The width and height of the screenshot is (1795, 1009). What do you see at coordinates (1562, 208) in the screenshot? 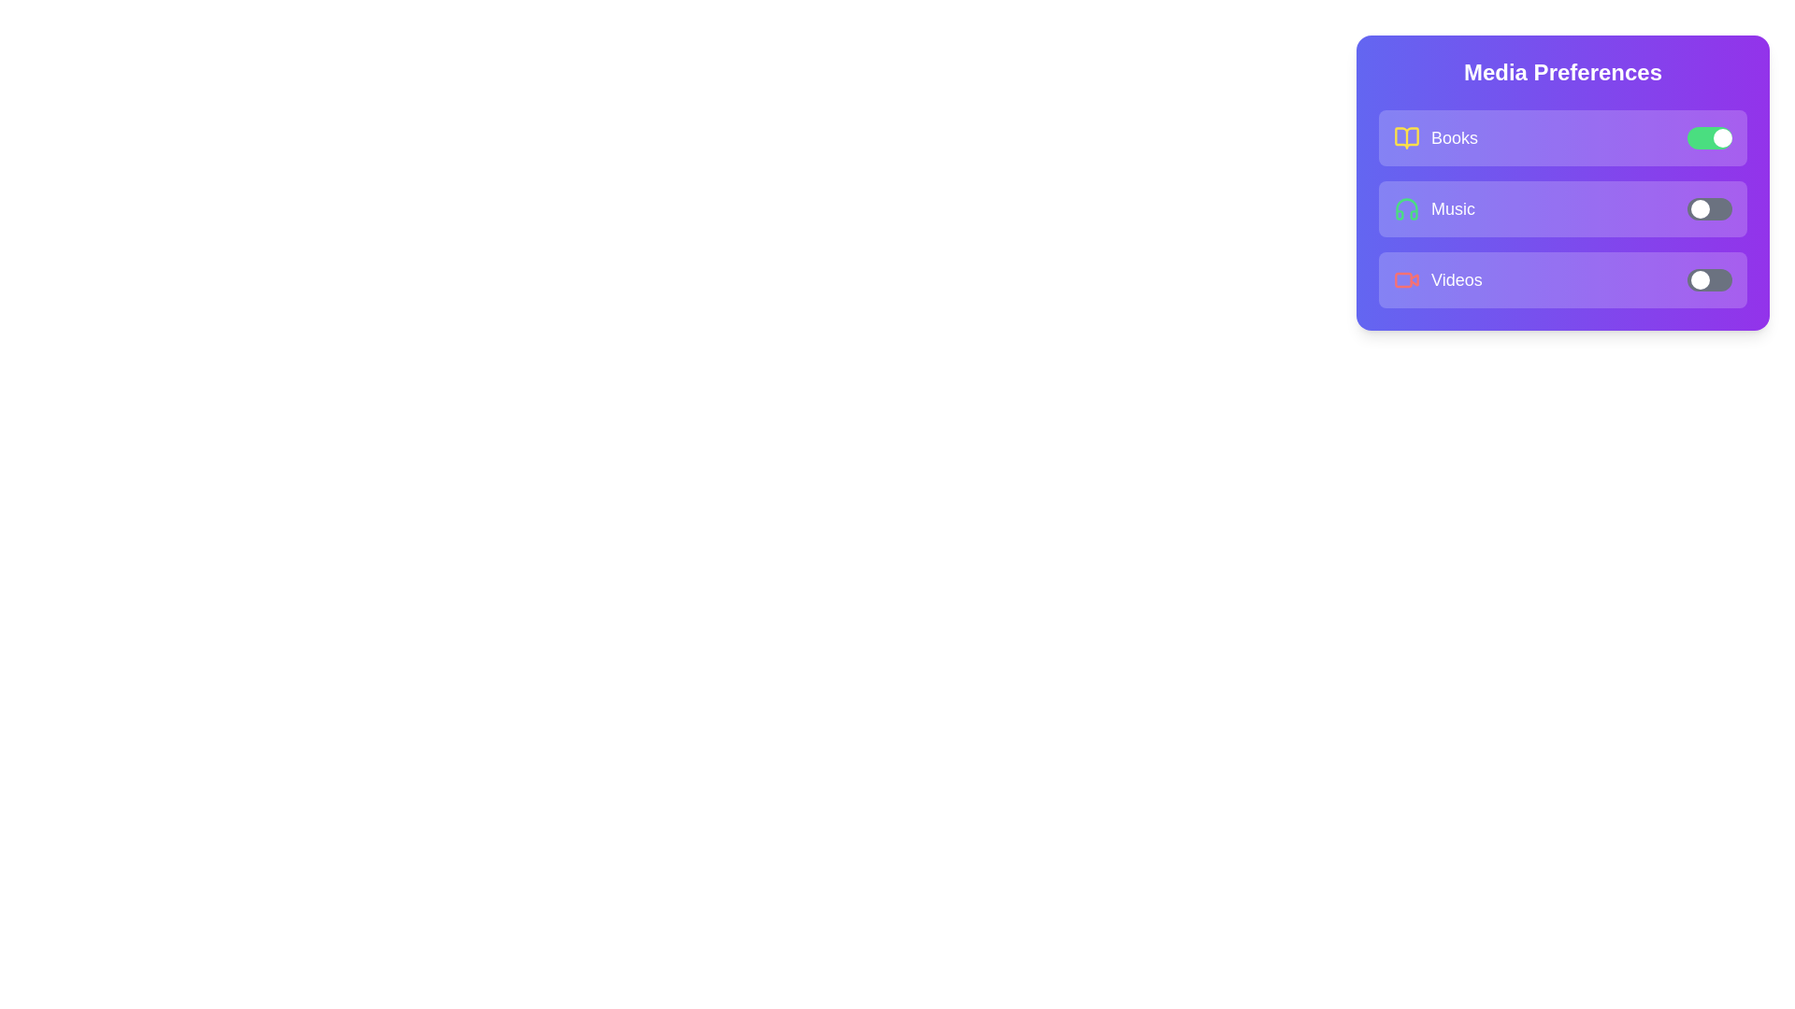
I see `the toggle switch located in the 'Music' section of the Media Preferences panel, which is represented by a green headphone icon and bold text 'Music'` at bounding box center [1562, 208].